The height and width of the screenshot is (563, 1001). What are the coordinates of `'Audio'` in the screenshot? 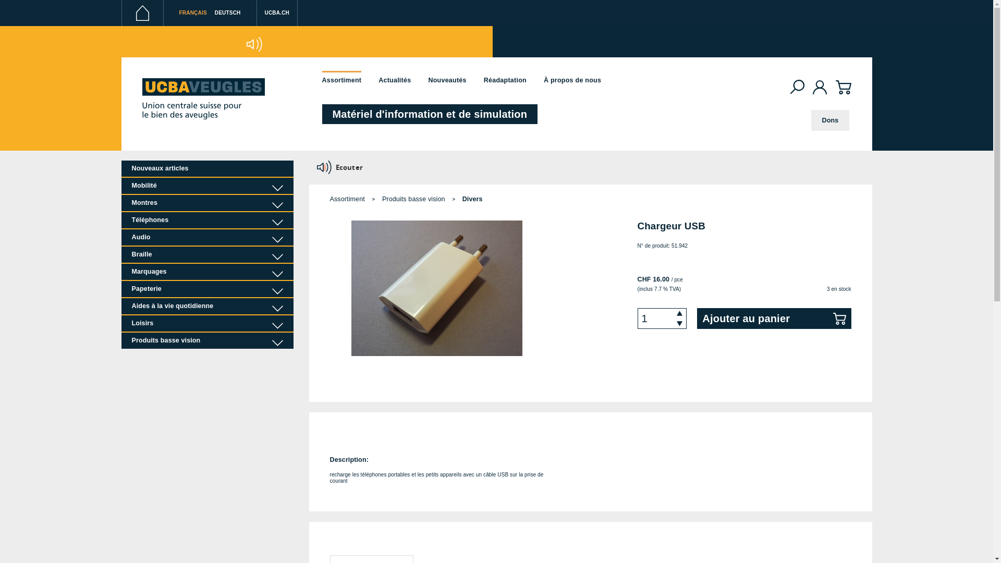 It's located at (207, 237).